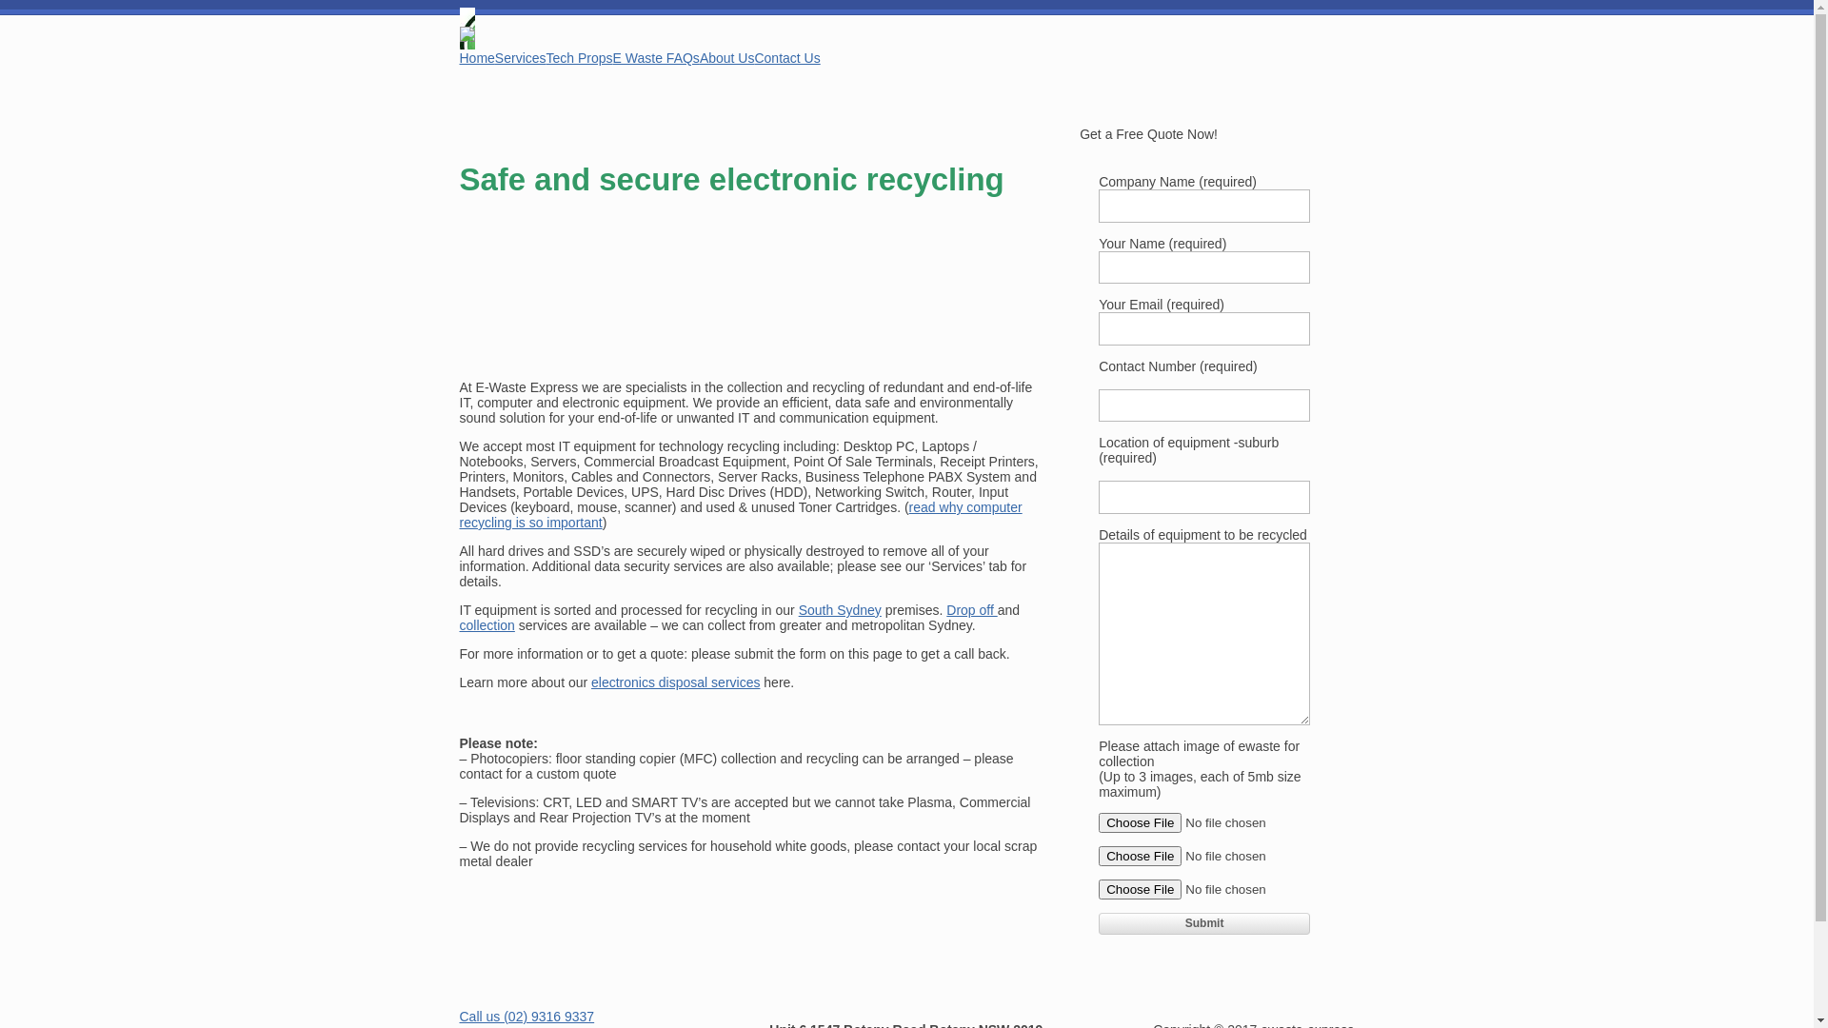 The height and width of the screenshot is (1028, 1828). I want to click on 'About Us', so click(698, 57).